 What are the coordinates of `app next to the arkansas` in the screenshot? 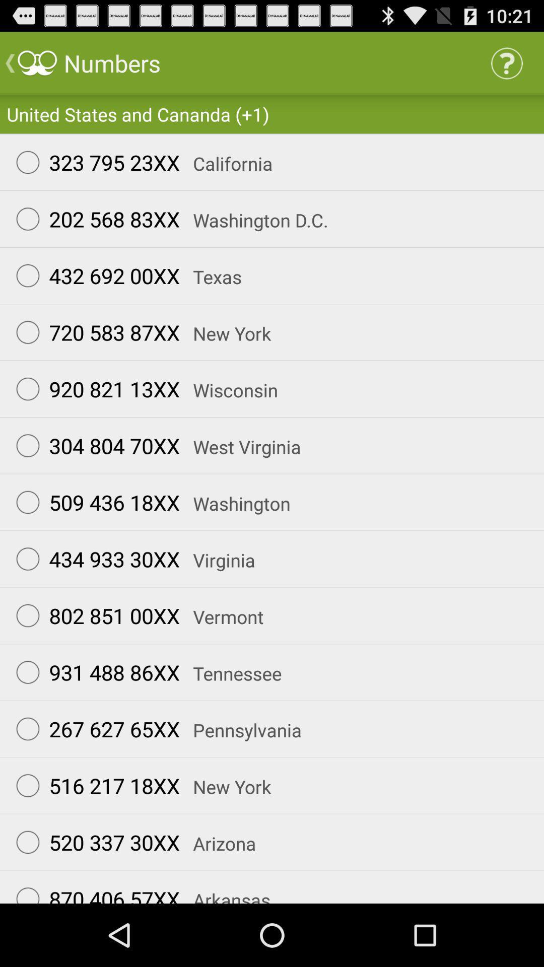 It's located at (93, 890).